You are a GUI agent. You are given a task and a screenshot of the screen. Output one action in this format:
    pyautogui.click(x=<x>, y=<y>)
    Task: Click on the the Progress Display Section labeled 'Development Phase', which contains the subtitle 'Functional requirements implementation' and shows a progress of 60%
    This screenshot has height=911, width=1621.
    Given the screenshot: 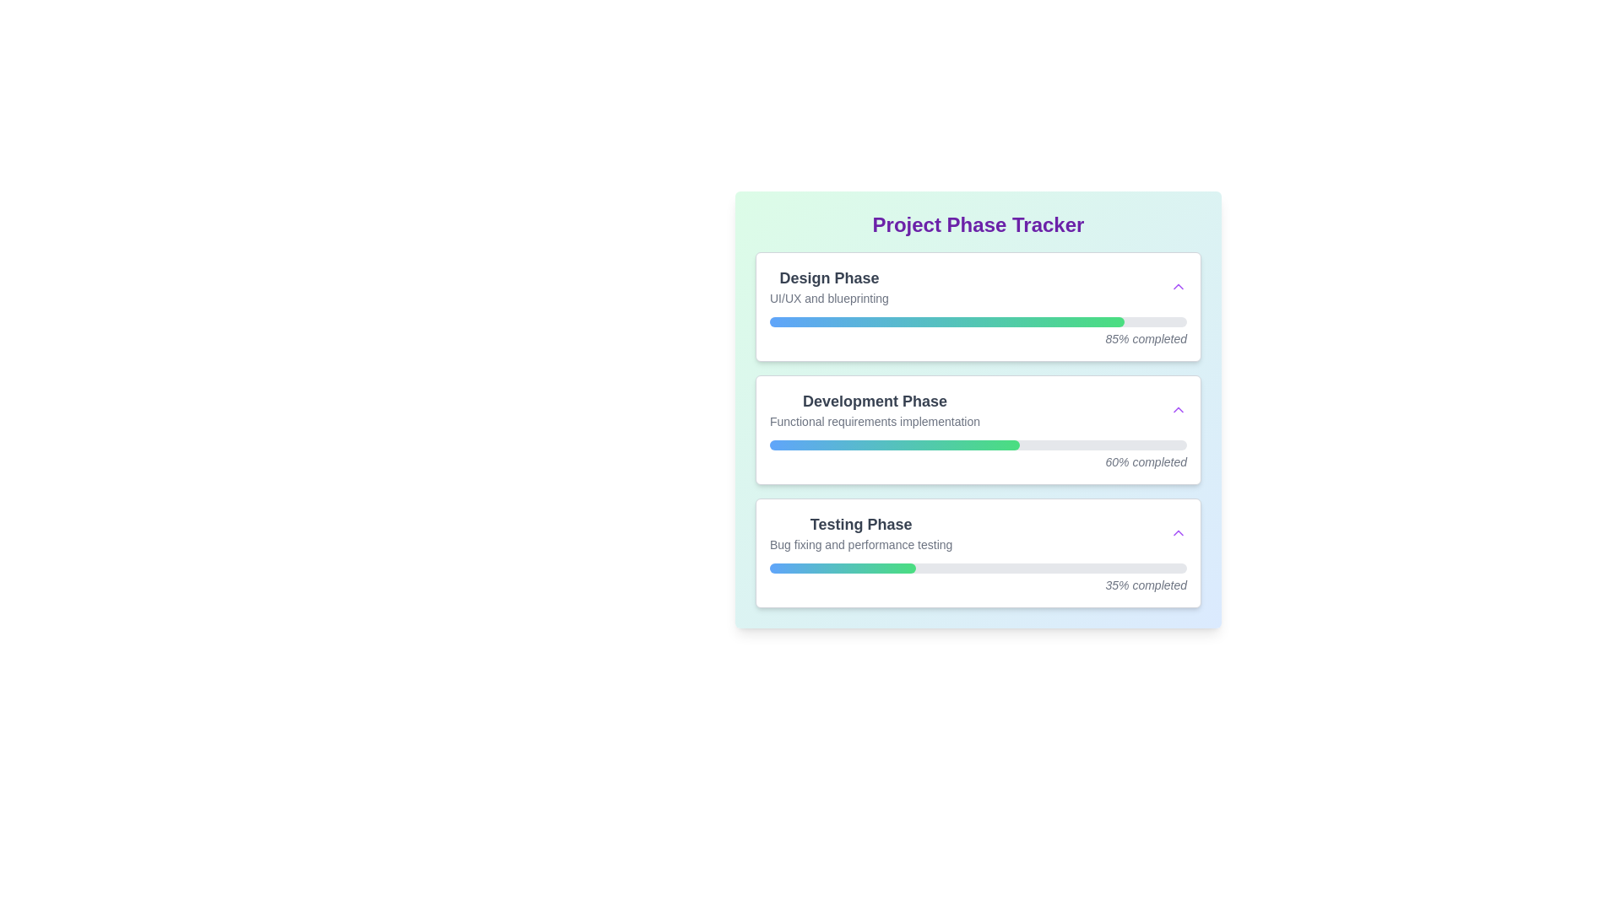 What is the action you would take?
    pyautogui.click(x=978, y=410)
    